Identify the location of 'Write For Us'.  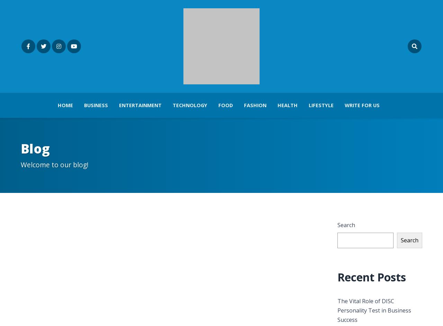
(362, 105).